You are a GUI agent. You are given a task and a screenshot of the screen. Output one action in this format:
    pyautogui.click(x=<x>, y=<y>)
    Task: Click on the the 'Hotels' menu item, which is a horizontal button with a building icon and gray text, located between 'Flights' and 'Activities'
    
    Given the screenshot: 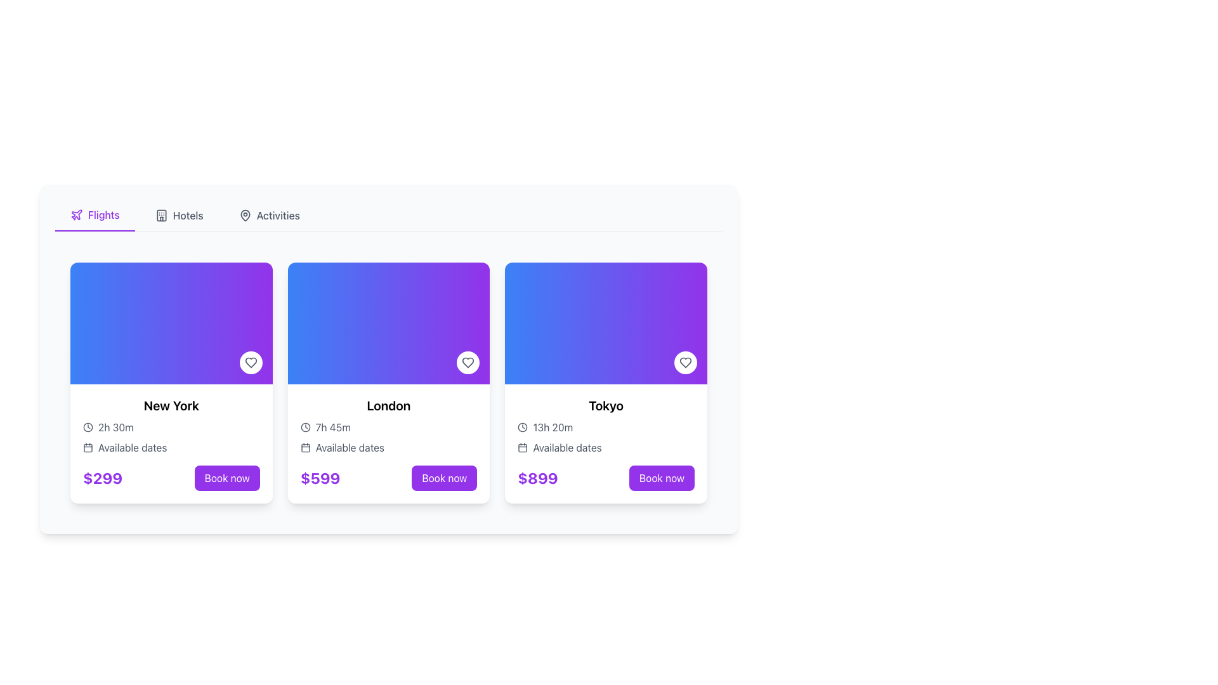 What is the action you would take?
    pyautogui.click(x=178, y=214)
    